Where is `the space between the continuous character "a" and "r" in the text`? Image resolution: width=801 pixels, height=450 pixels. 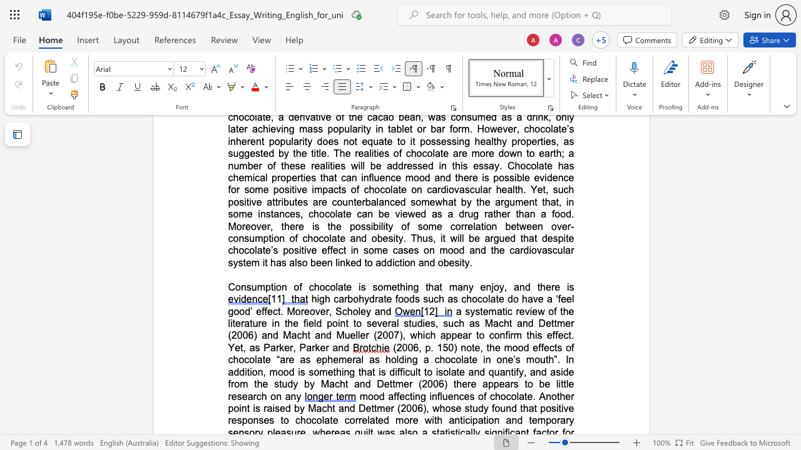 the space between the continuous character "a" and "r" in the text is located at coordinates (467, 334).